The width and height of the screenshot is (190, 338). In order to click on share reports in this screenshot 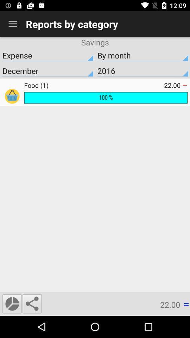, I will do `click(32, 303)`.